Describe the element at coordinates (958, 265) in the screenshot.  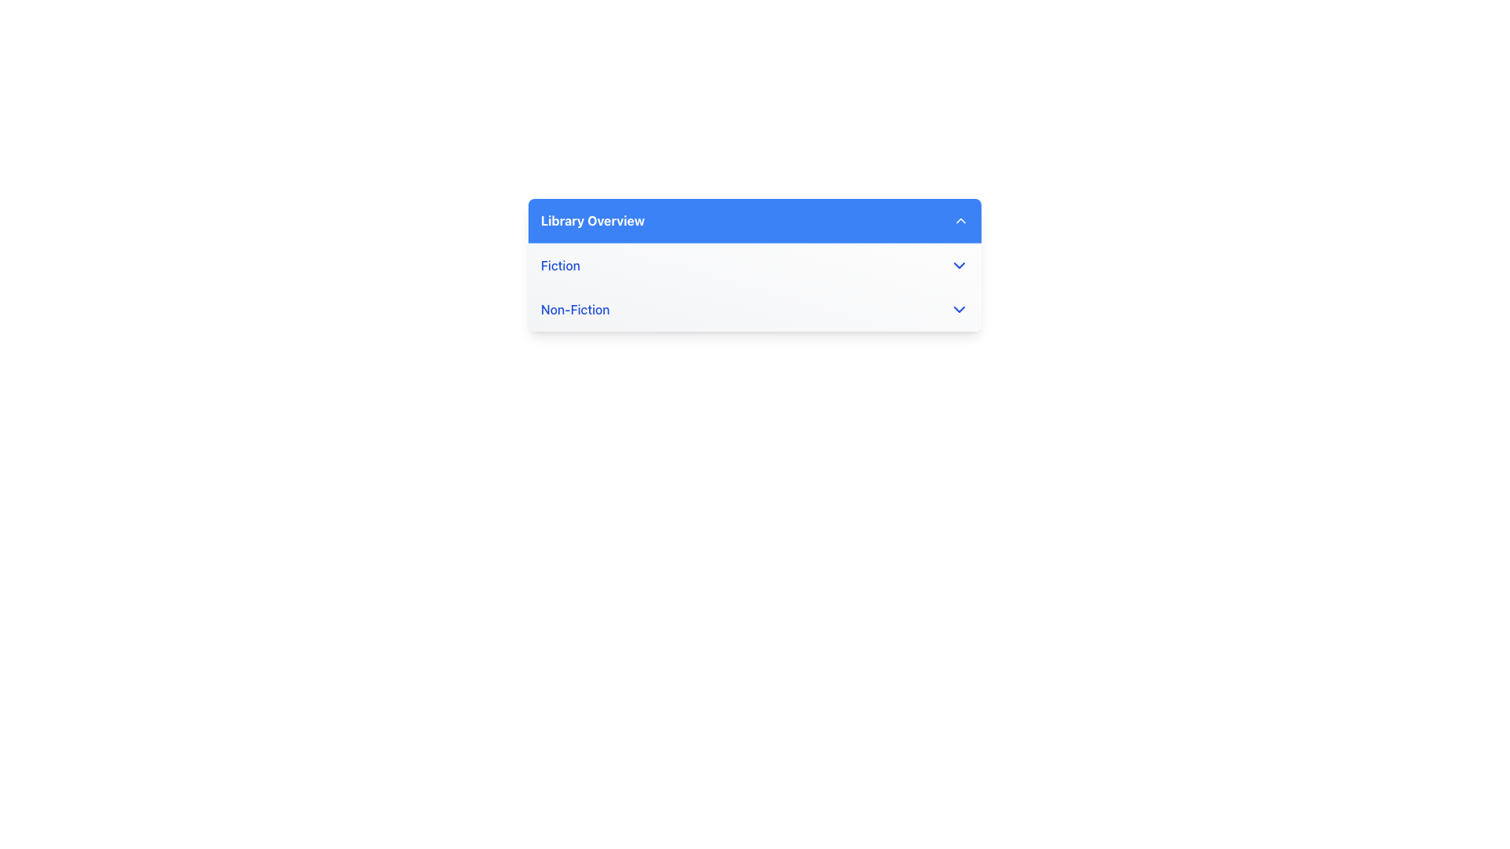
I see `the downward-facing chevron icon located to the right of the 'Fiction' text` at that location.